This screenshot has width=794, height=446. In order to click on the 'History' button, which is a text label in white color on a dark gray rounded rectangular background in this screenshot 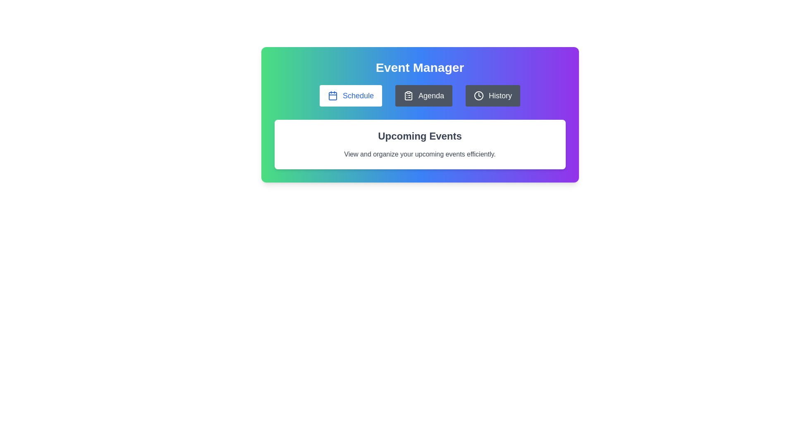, I will do `click(500, 95)`.